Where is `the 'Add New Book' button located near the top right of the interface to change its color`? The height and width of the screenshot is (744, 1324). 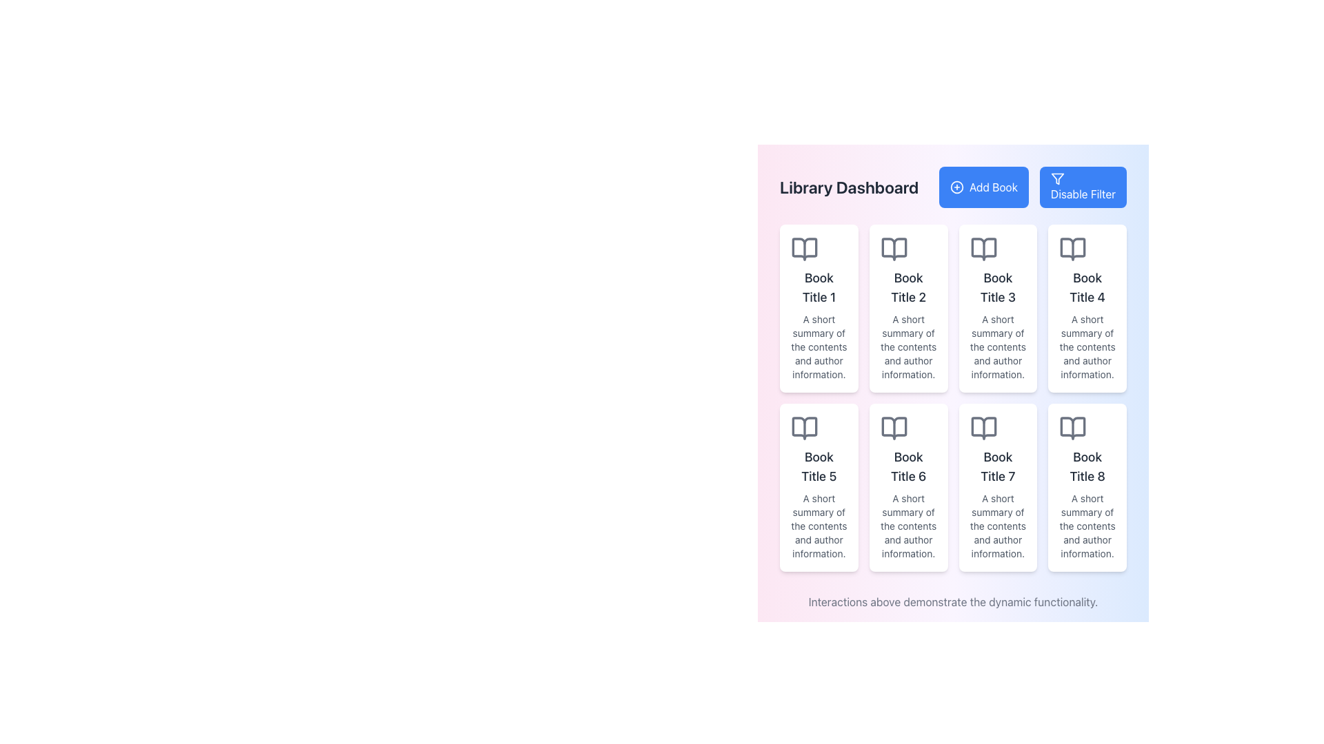
the 'Add New Book' button located near the top right of the interface to change its color is located at coordinates (983, 187).